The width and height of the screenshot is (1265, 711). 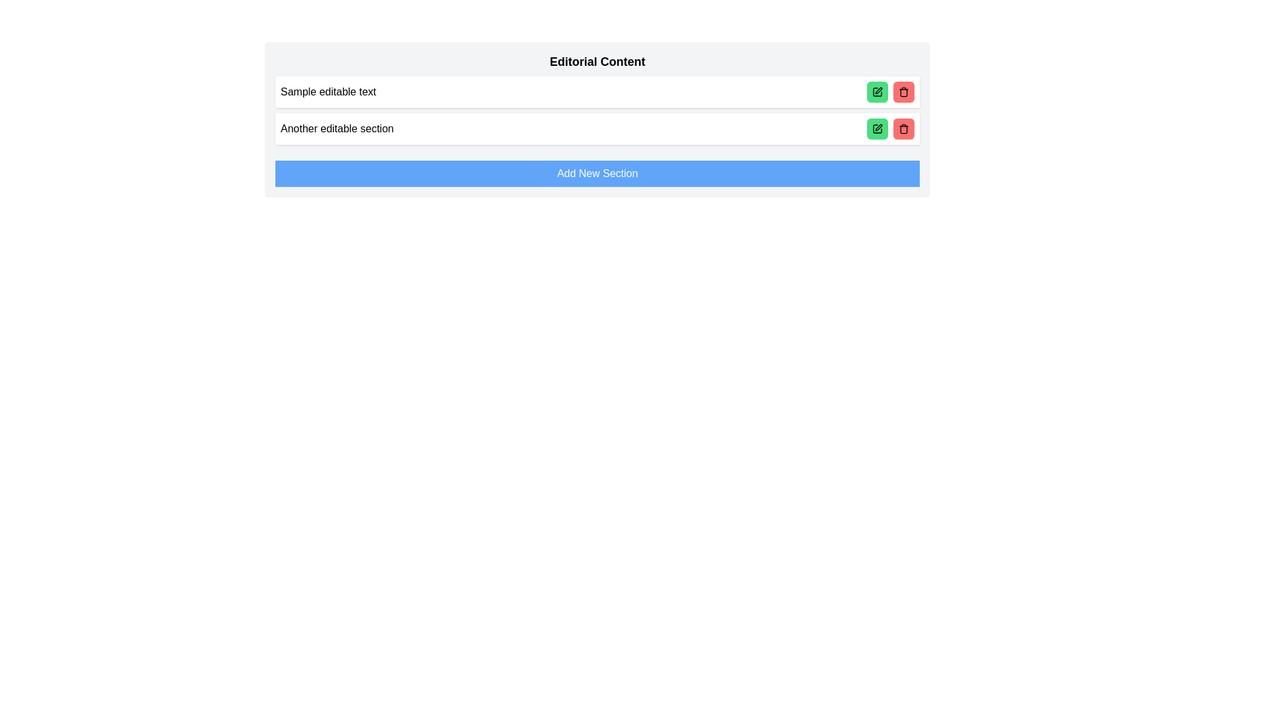 What do you see at coordinates (877, 129) in the screenshot?
I see `the small square green icon featuring a pen graphic within the green oval button located to the right side of the second row in the content table` at bounding box center [877, 129].